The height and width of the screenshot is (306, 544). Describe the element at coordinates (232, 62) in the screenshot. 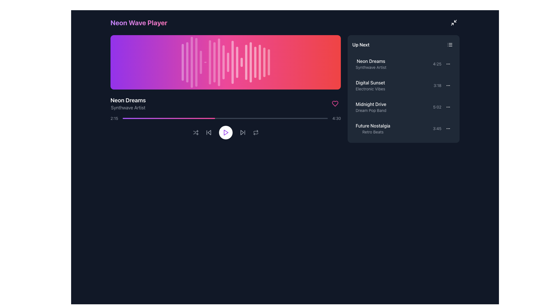

I see `the twelfth vertical waveform bar, which is a white, semi-transparent decorative UI element animated to pulsate, located near the center-right of the waveform visualization area` at that location.